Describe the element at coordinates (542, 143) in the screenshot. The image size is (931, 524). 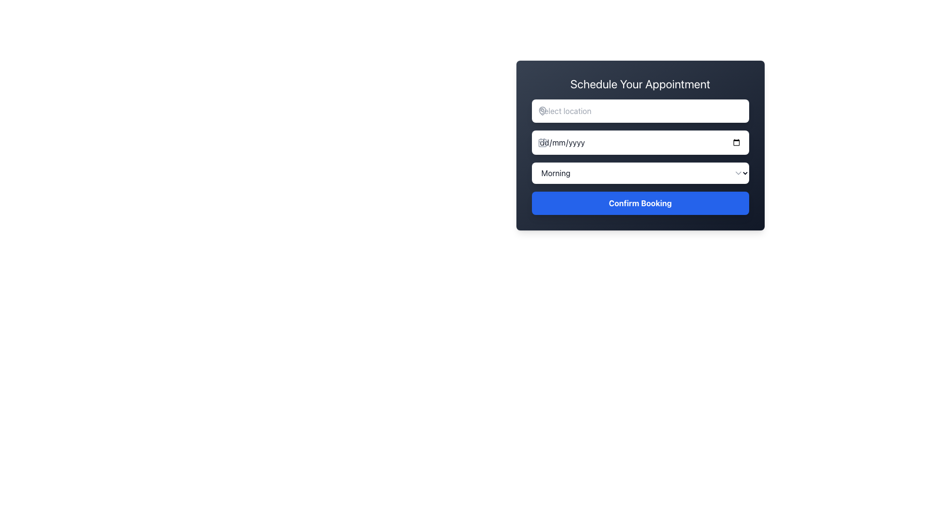
I see `the calendar icon's date input field element, which is a rectangular block with rounded corners, filled with white and surrounded by black strokes, located in the lower center region of the calendar icon` at that location.